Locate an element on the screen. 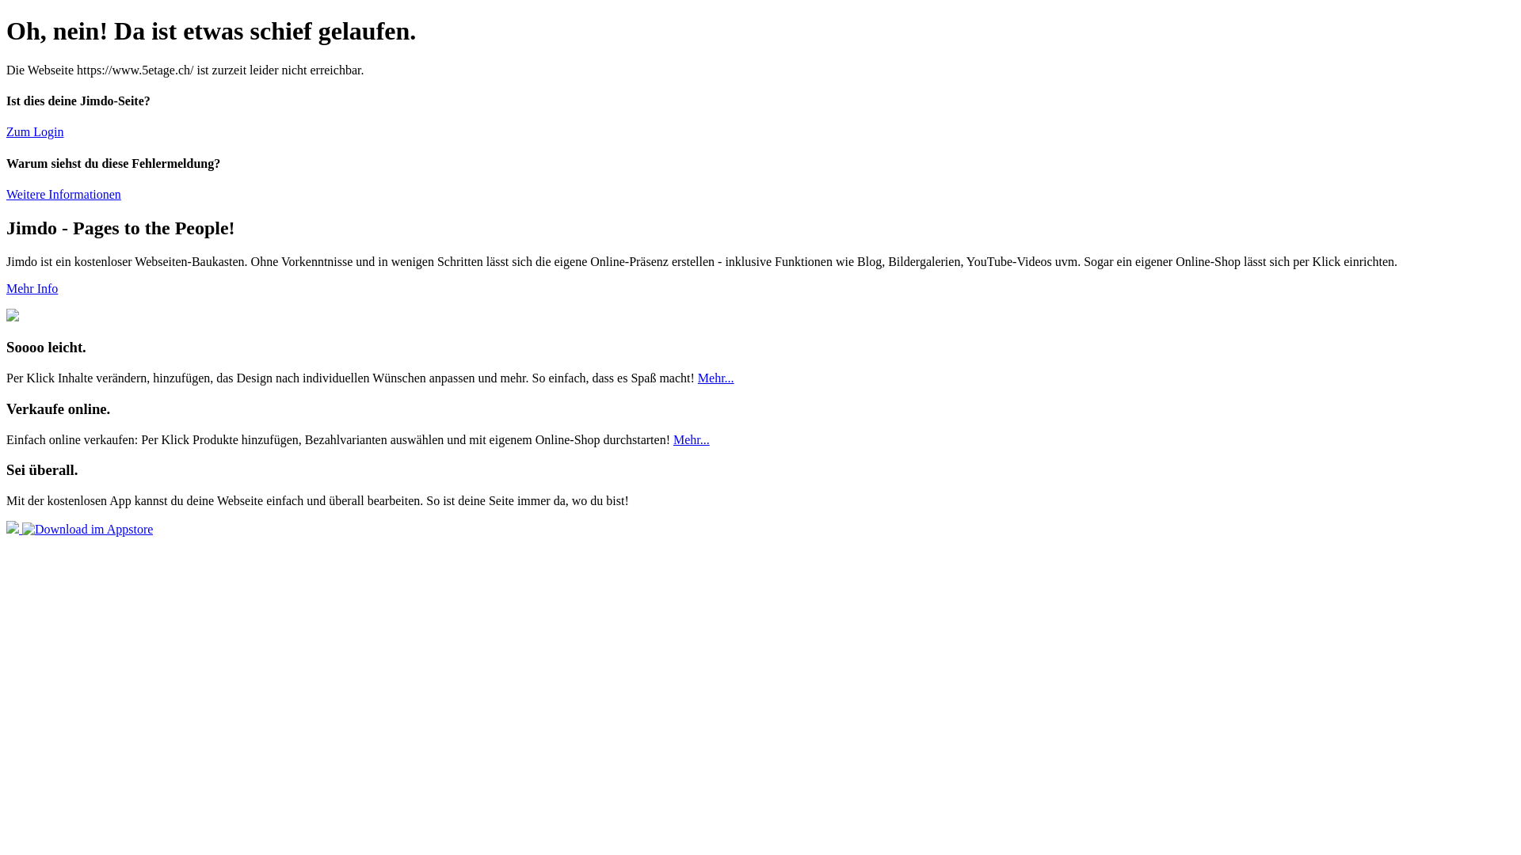 The image size is (1521, 855). 'Mehr Info' is located at coordinates (6, 288).